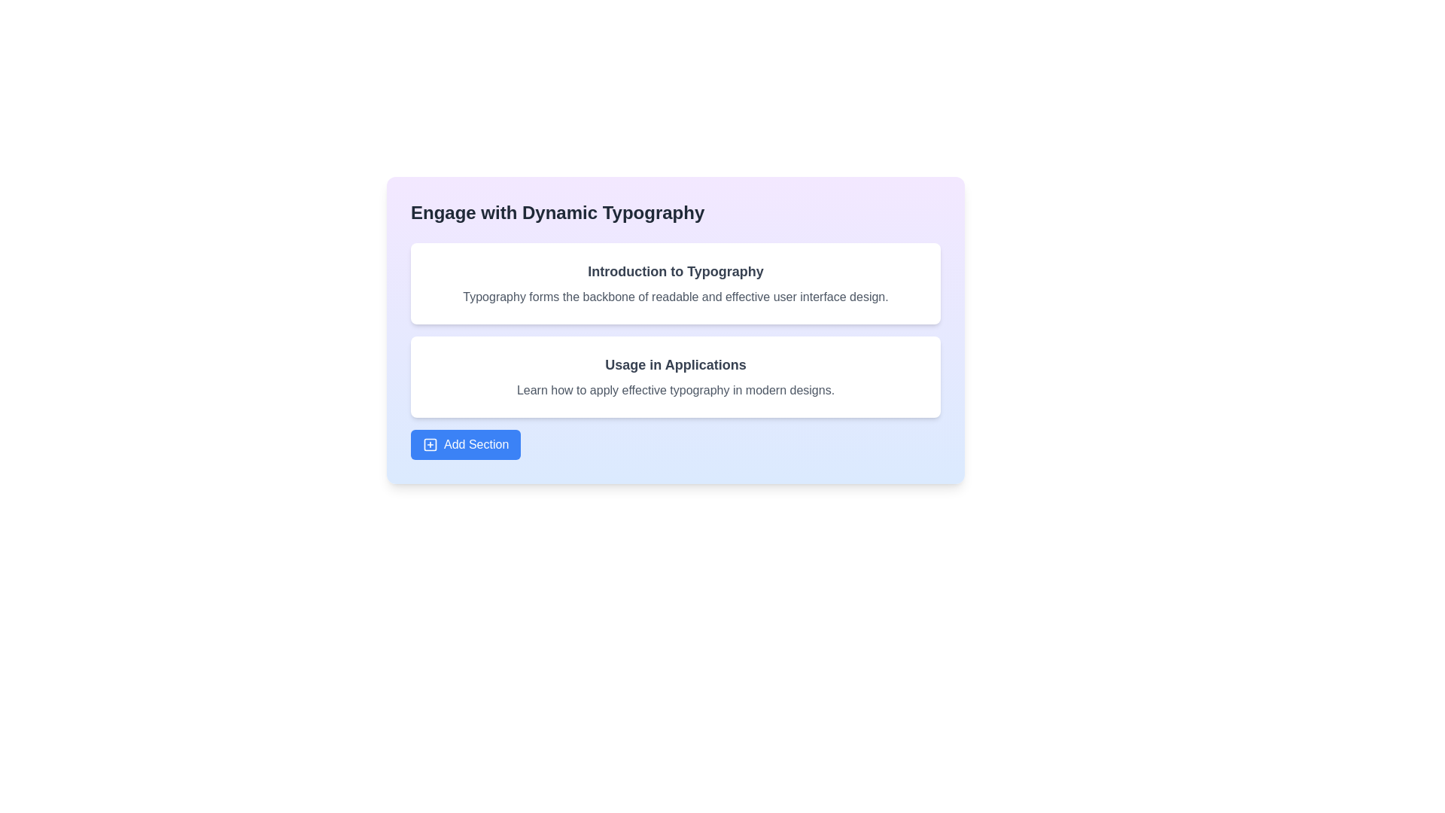 This screenshot has height=813, width=1445. What do you see at coordinates (429, 443) in the screenshot?
I see `the 'Add Section' button by clicking on the graphical icon with a plus sign, which is located at the bottom-left corner of the main interface panel` at bounding box center [429, 443].